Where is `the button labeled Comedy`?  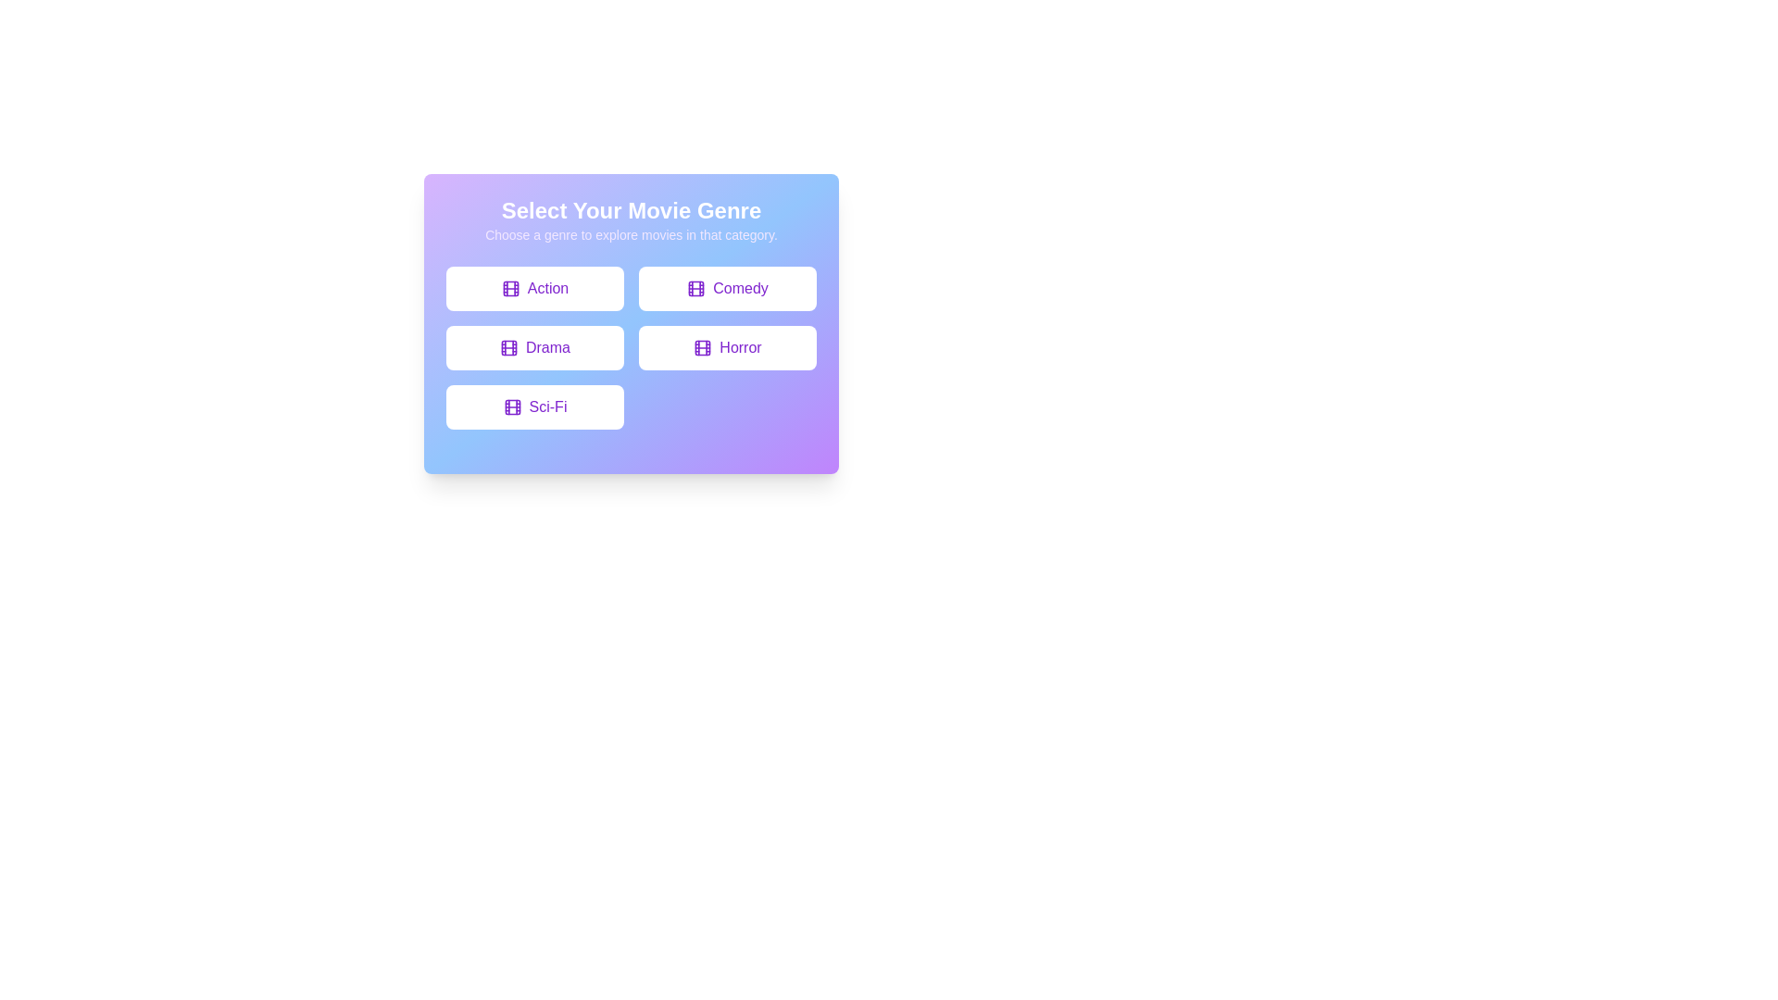 the button labeled Comedy is located at coordinates (727, 289).